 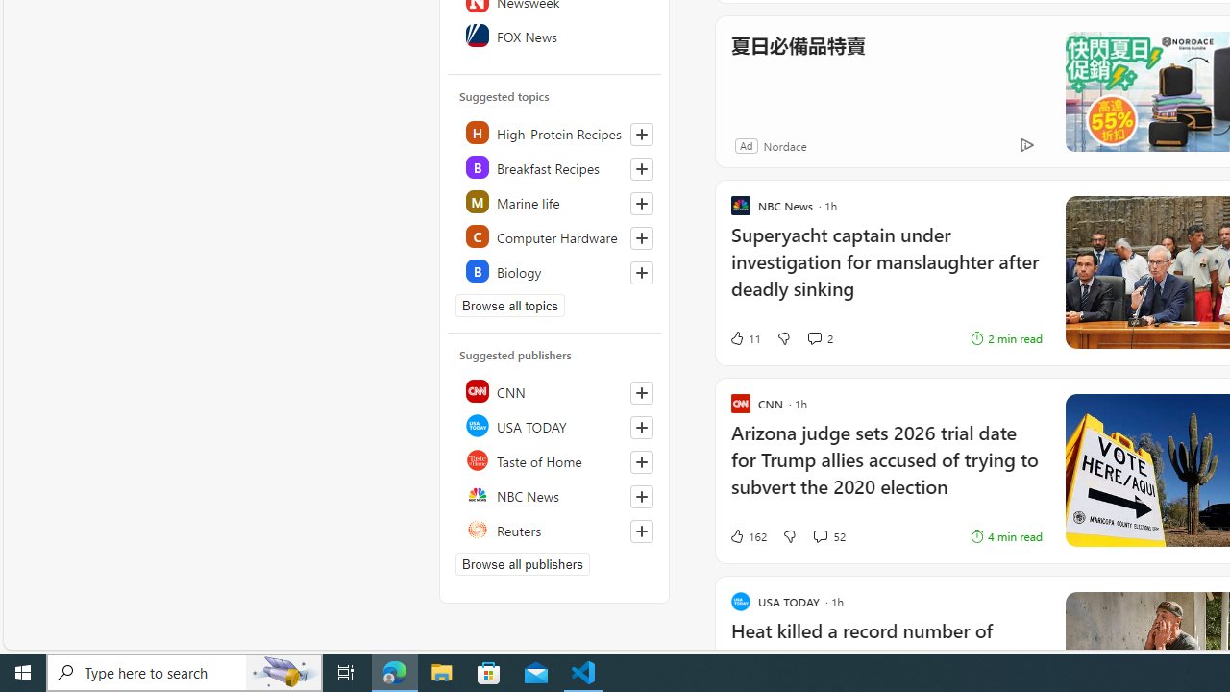 What do you see at coordinates (554, 36) in the screenshot?
I see `'FOX News'` at bounding box center [554, 36].